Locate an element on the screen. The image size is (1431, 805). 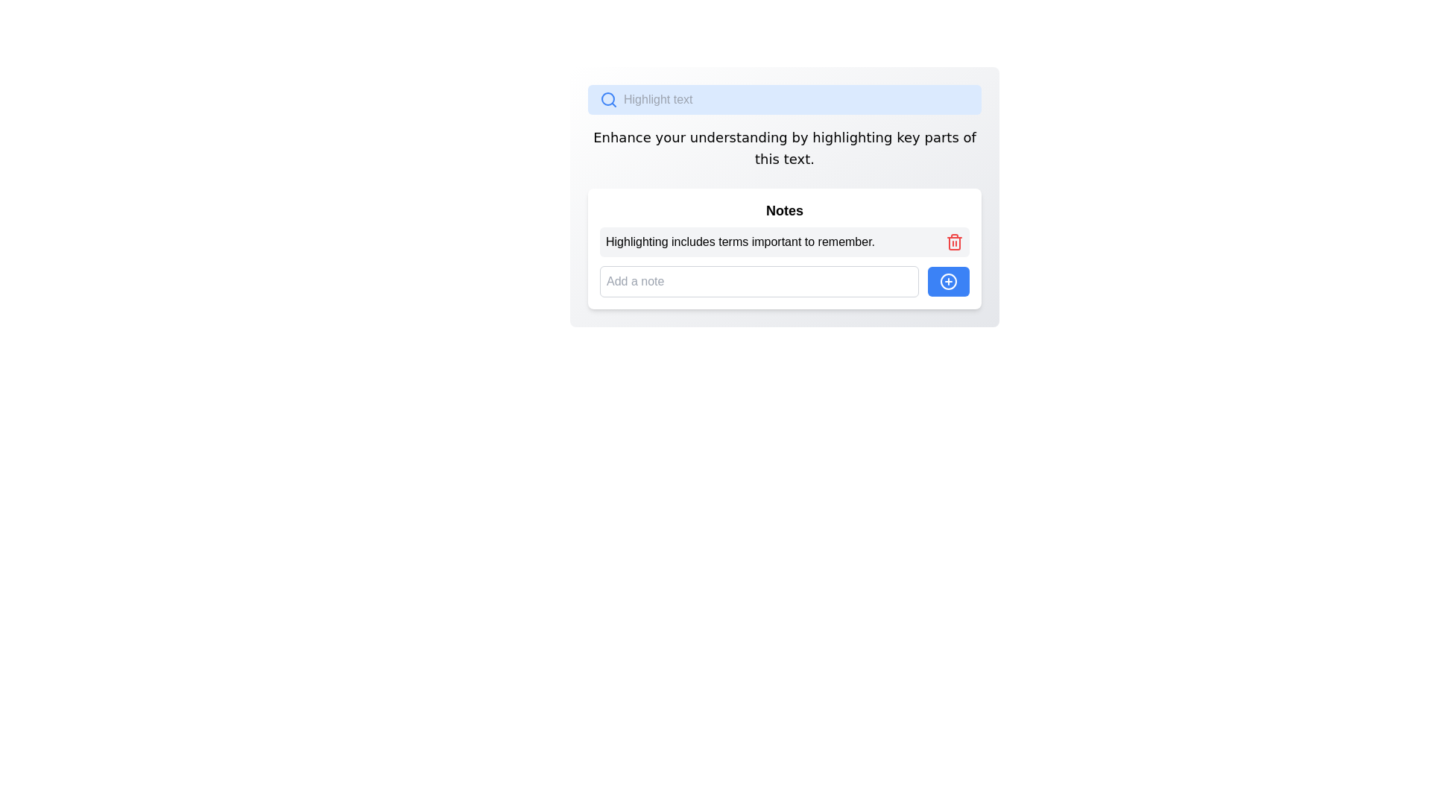
the single character 'i' in the second word of the sentence 'Enhance your understanding by highlighting key parts of this text.' is located at coordinates (771, 159).